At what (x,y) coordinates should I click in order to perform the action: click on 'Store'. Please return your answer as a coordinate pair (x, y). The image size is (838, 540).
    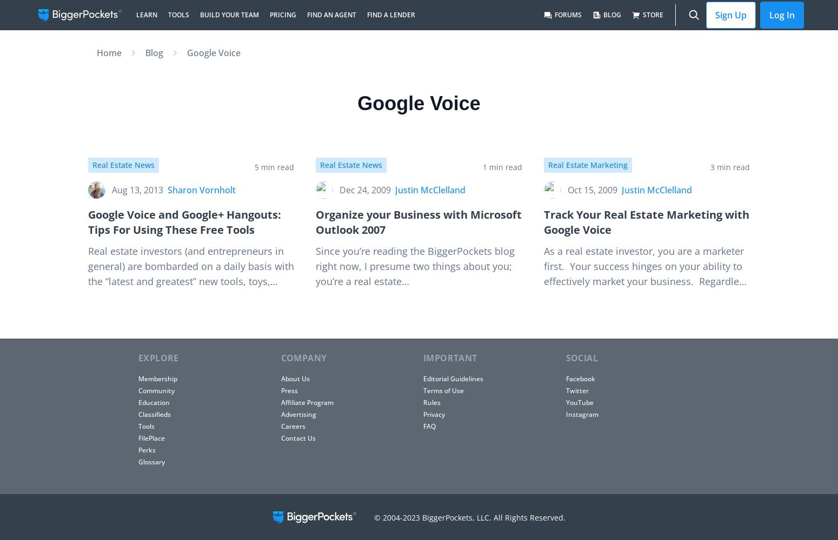
    Looking at the image, I should click on (653, 15).